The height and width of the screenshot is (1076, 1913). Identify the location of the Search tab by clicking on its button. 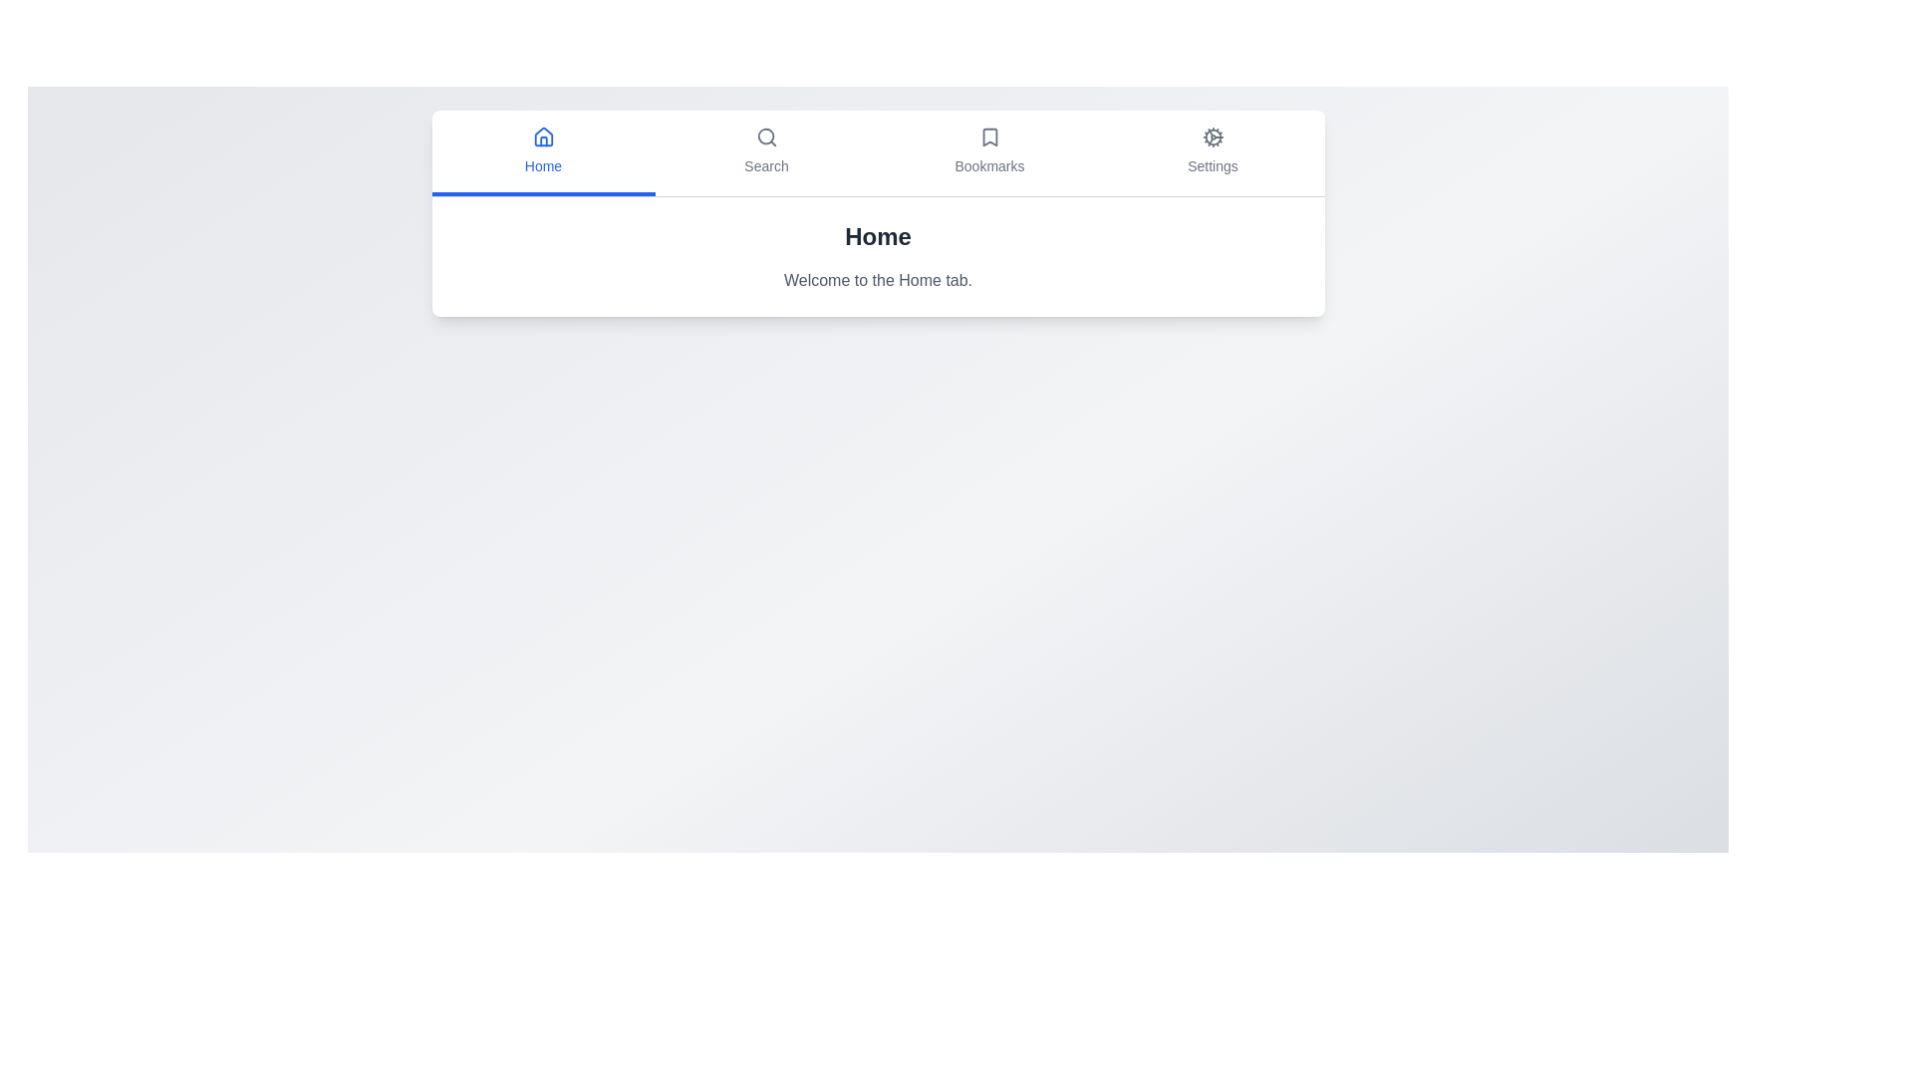
(765, 152).